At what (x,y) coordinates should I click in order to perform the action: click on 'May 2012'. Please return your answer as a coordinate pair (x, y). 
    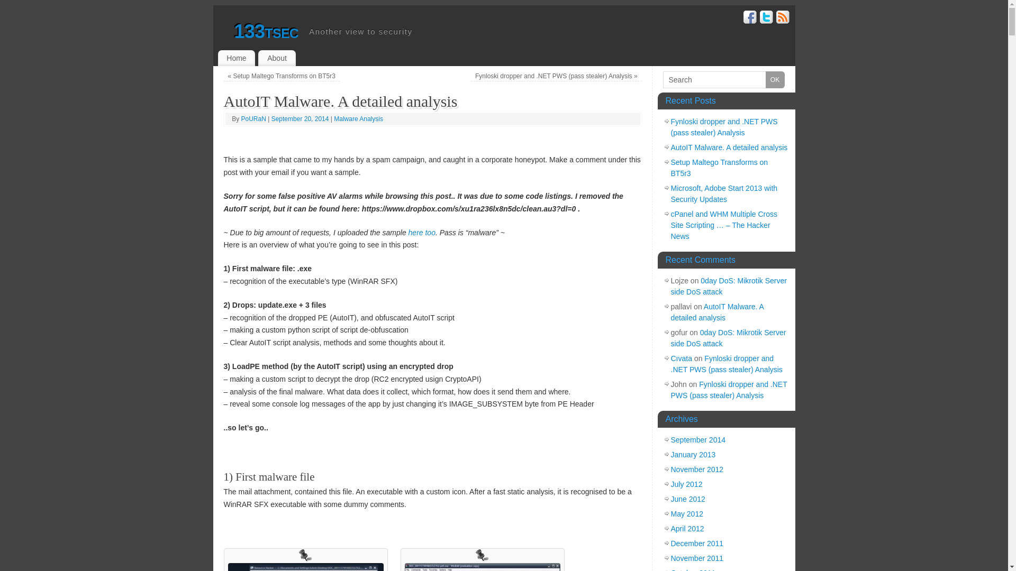
    Looking at the image, I should click on (687, 513).